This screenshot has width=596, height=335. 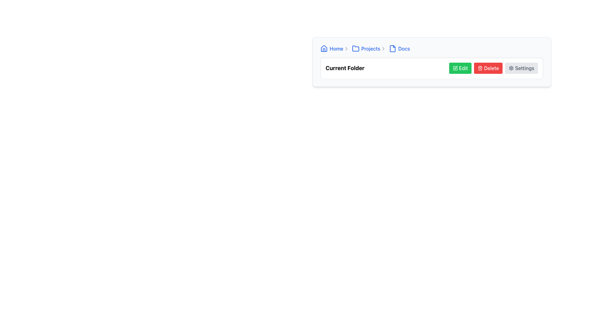 What do you see at coordinates (460, 68) in the screenshot?
I see `the green 'Edit' button with a pen icon` at bounding box center [460, 68].